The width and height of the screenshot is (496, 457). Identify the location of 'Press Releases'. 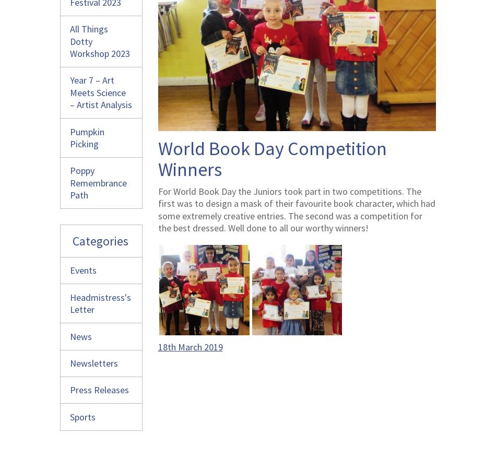
(99, 390).